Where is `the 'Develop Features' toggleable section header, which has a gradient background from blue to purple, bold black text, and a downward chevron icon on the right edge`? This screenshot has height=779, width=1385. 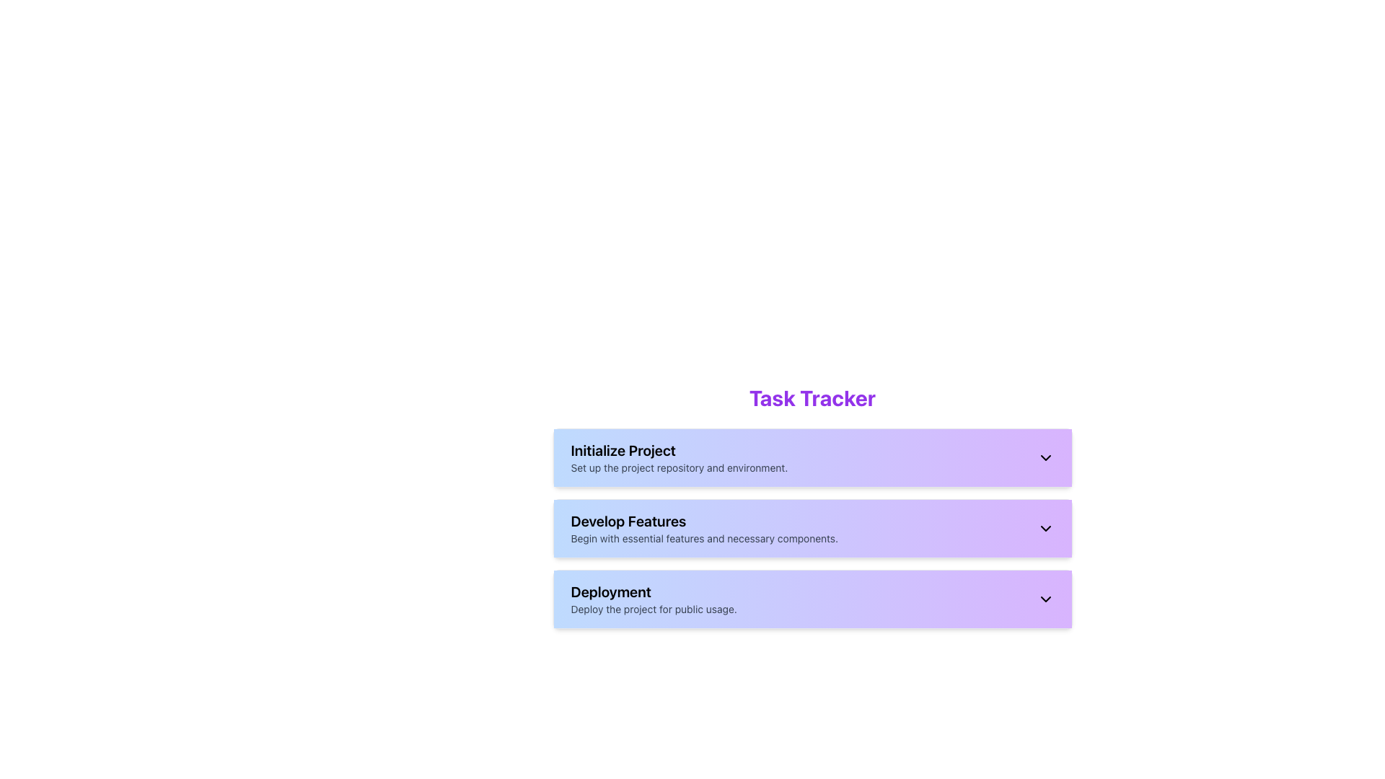 the 'Develop Features' toggleable section header, which has a gradient background from blue to purple, bold black text, and a downward chevron icon on the right edge is located at coordinates (812, 528).